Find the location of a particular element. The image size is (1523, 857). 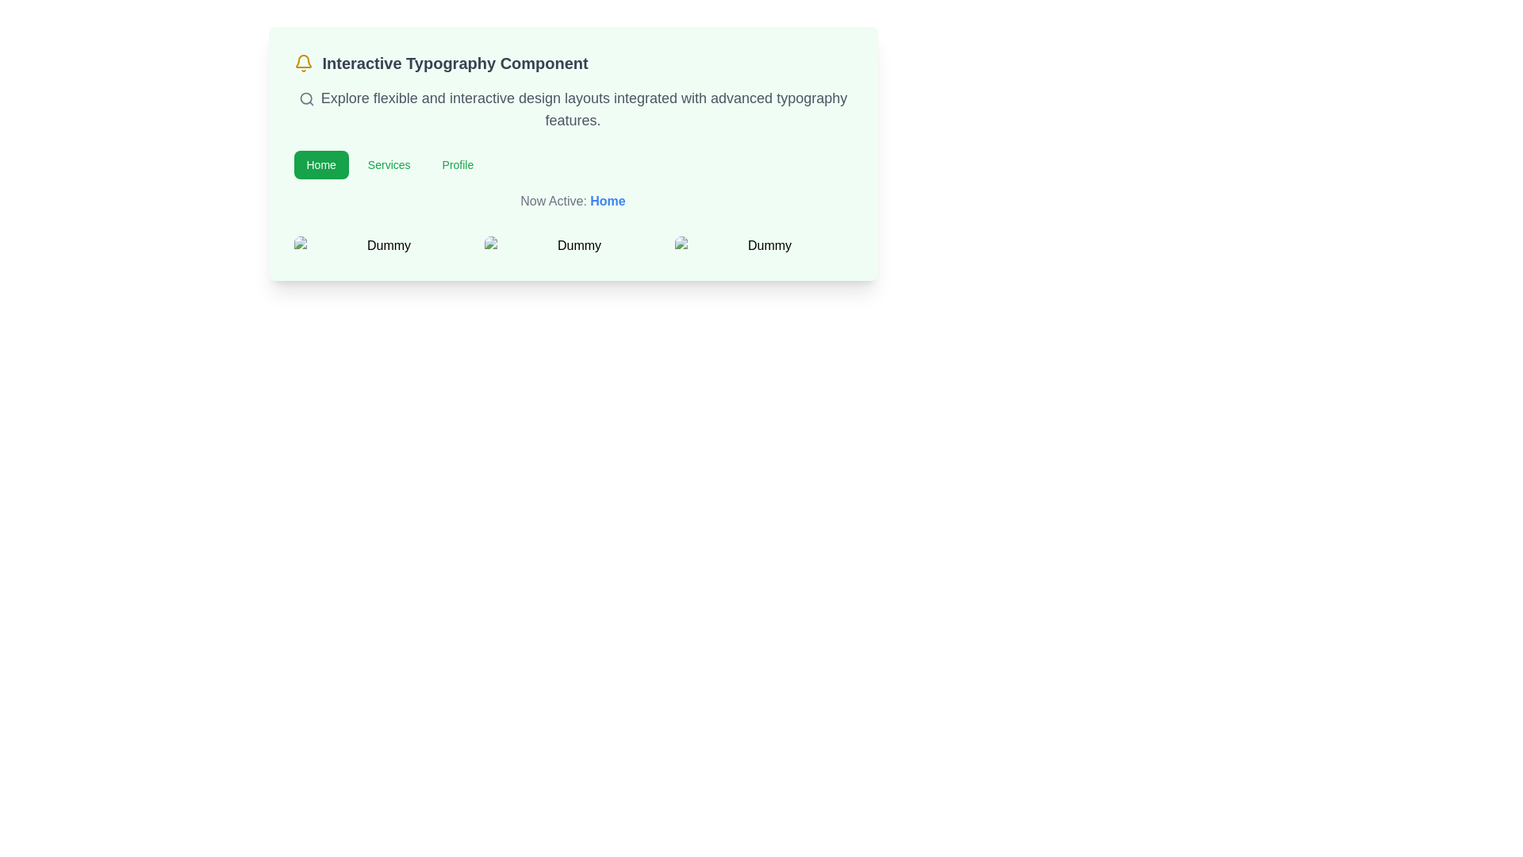

the Combined element of an image placeholder and a text label located in the bottom right segment of a three-column grid layout is located at coordinates (763, 245).